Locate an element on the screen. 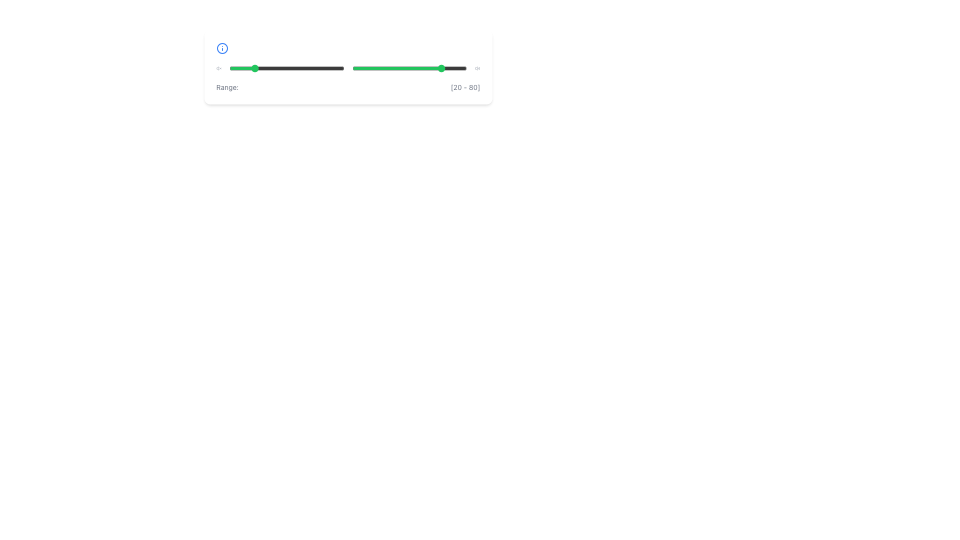 The height and width of the screenshot is (540, 960). the circular green handle of the horizontal range slider, which is positioned is located at coordinates (409, 68).